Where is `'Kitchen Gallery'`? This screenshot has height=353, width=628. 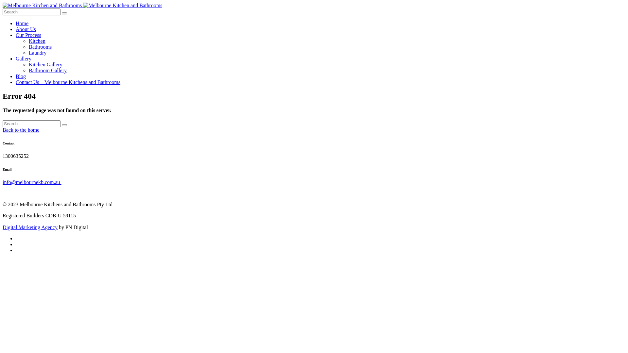
'Kitchen Gallery' is located at coordinates (45, 64).